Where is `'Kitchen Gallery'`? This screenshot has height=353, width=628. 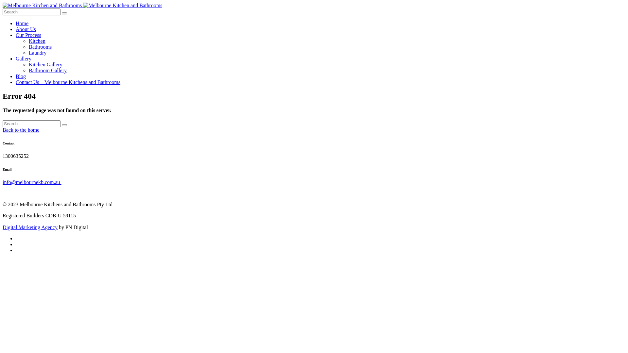
'Kitchen Gallery' is located at coordinates (45, 64).